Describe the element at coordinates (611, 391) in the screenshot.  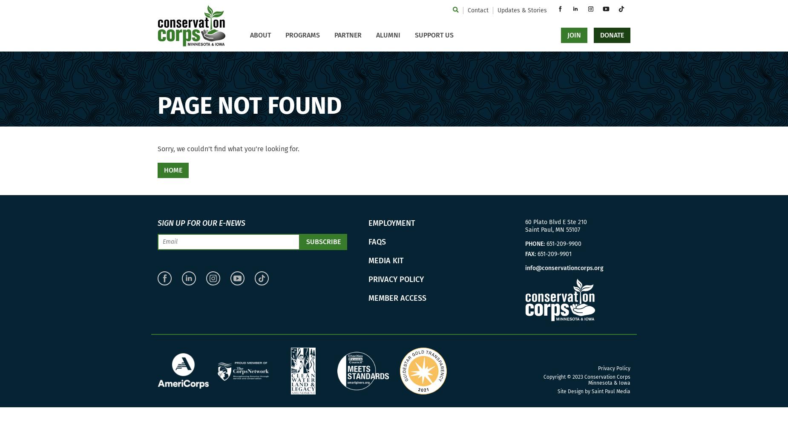
I see `'Saint Paul Media'` at that location.